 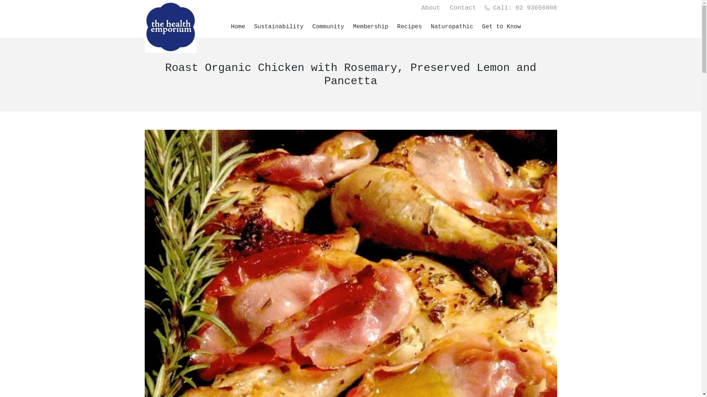 What do you see at coordinates (502, 26) in the screenshot?
I see `'Get to Know'` at bounding box center [502, 26].